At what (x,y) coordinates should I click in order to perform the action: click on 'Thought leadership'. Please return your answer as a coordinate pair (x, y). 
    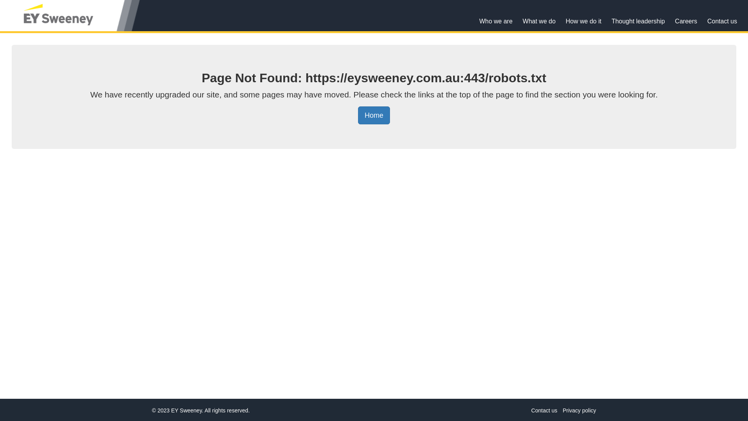
    Looking at the image, I should click on (638, 21).